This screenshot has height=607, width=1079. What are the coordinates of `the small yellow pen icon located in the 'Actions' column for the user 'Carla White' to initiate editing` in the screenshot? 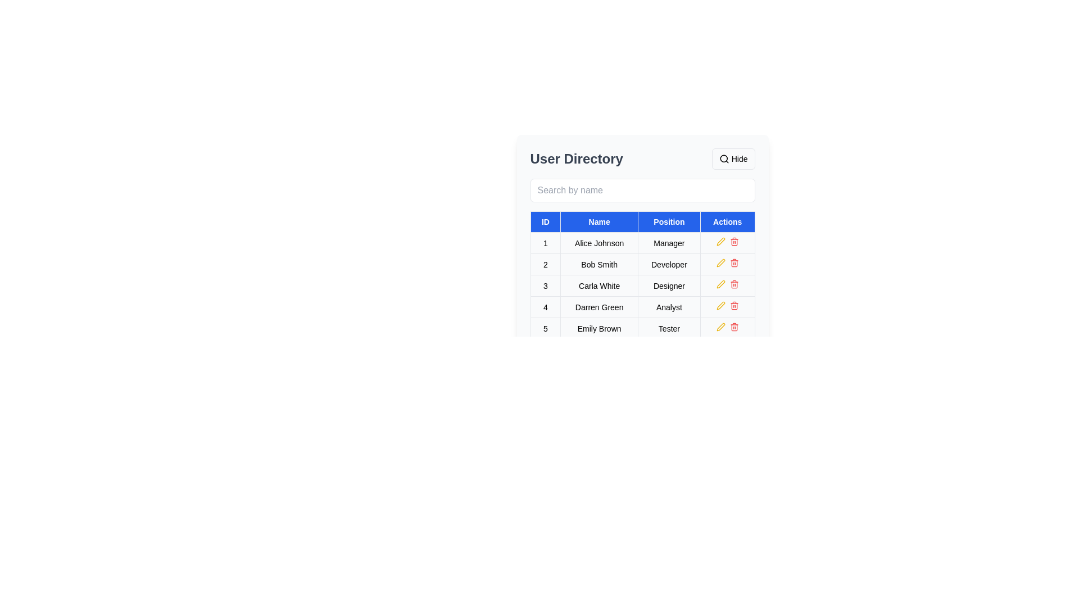 It's located at (720, 283).